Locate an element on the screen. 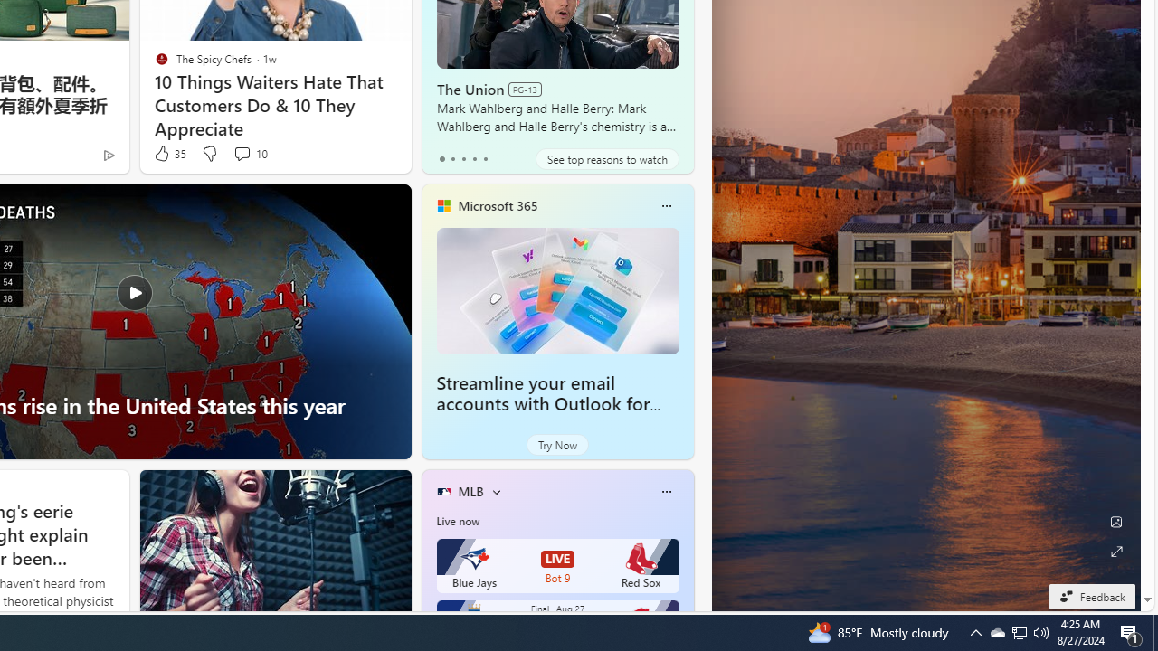 This screenshot has height=651, width=1158. 'Try Now' is located at coordinates (556, 445).